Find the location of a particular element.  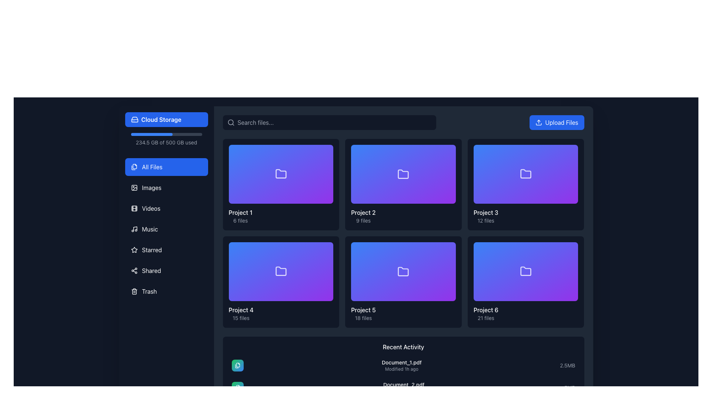

the sharing icon that visually enhances the 'Shared' label in the sidebar menu, located between 'Starred' and 'Trash' is located at coordinates (134, 271).